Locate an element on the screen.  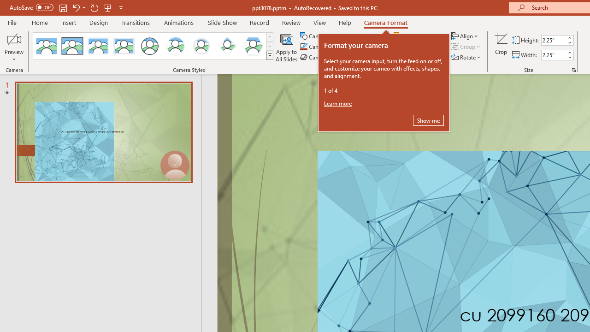
'Simple Frame Circle' is located at coordinates (150, 46).